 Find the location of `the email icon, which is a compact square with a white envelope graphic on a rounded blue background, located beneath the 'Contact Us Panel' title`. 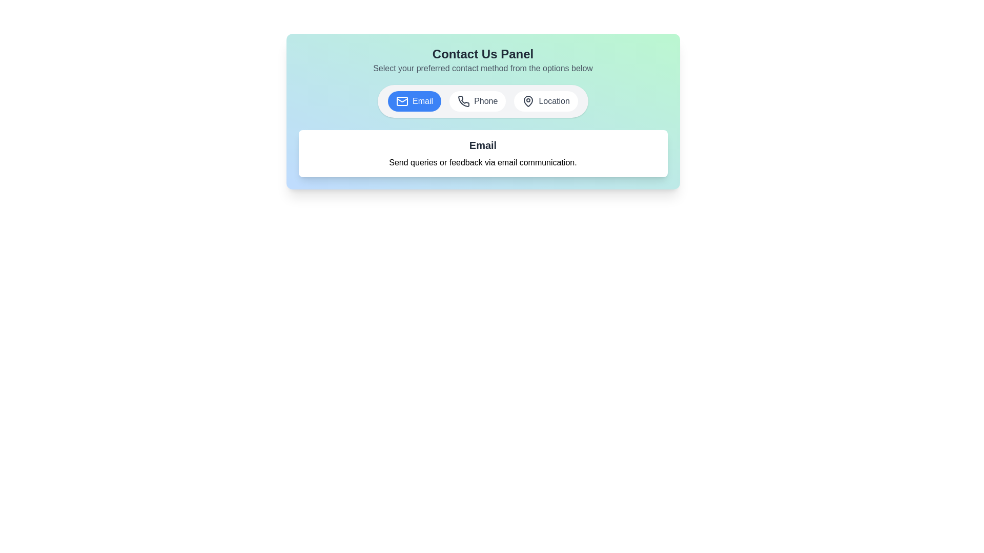

the email icon, which is a compact square with a white envelope graphic on a rounded blue background, located beneath the 'Contact Us Panel' title is located at coordinates (402, 101).